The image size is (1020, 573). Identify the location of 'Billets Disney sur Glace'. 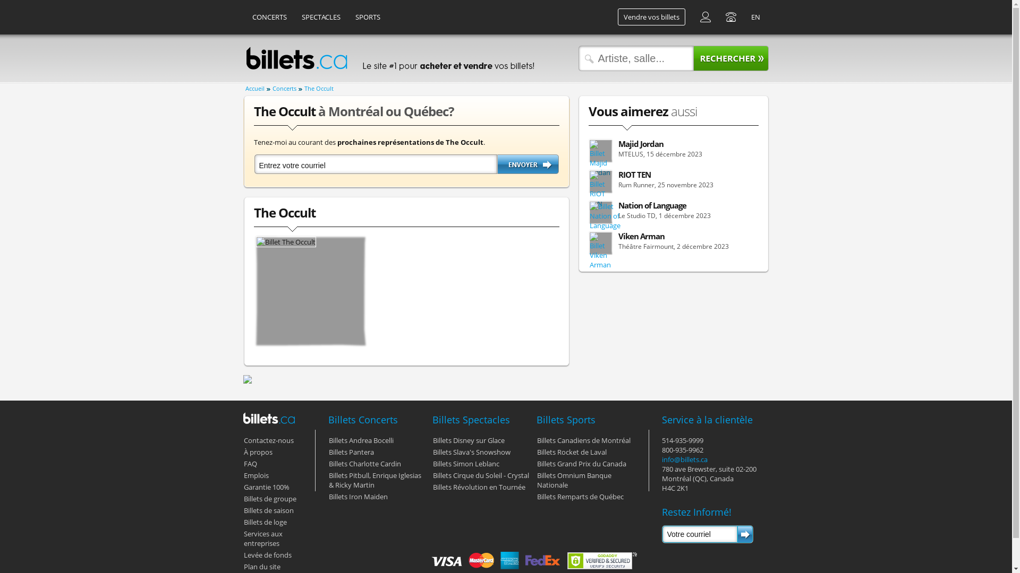
(432, 440).